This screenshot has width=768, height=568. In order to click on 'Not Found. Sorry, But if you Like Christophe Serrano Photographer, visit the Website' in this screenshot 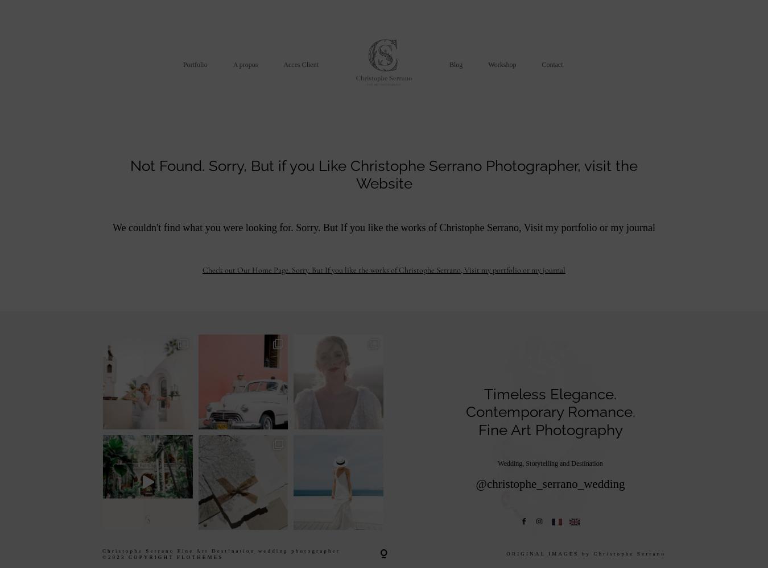, I will do `click(384, 174)`.